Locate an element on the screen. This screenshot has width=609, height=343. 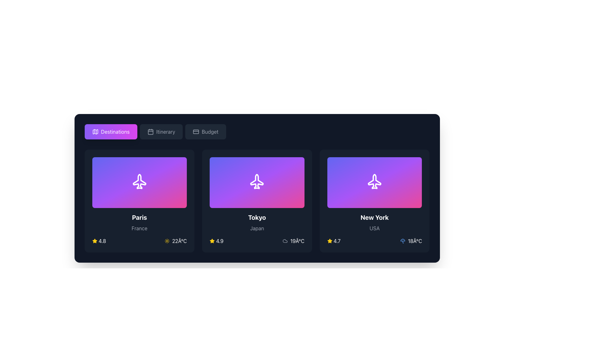
the static text element displaying the rating score (4.8) for the 'Paris' card, which is positioned directly to the right of the yellow star icon in the rating component is located at coordinates (102, 241).